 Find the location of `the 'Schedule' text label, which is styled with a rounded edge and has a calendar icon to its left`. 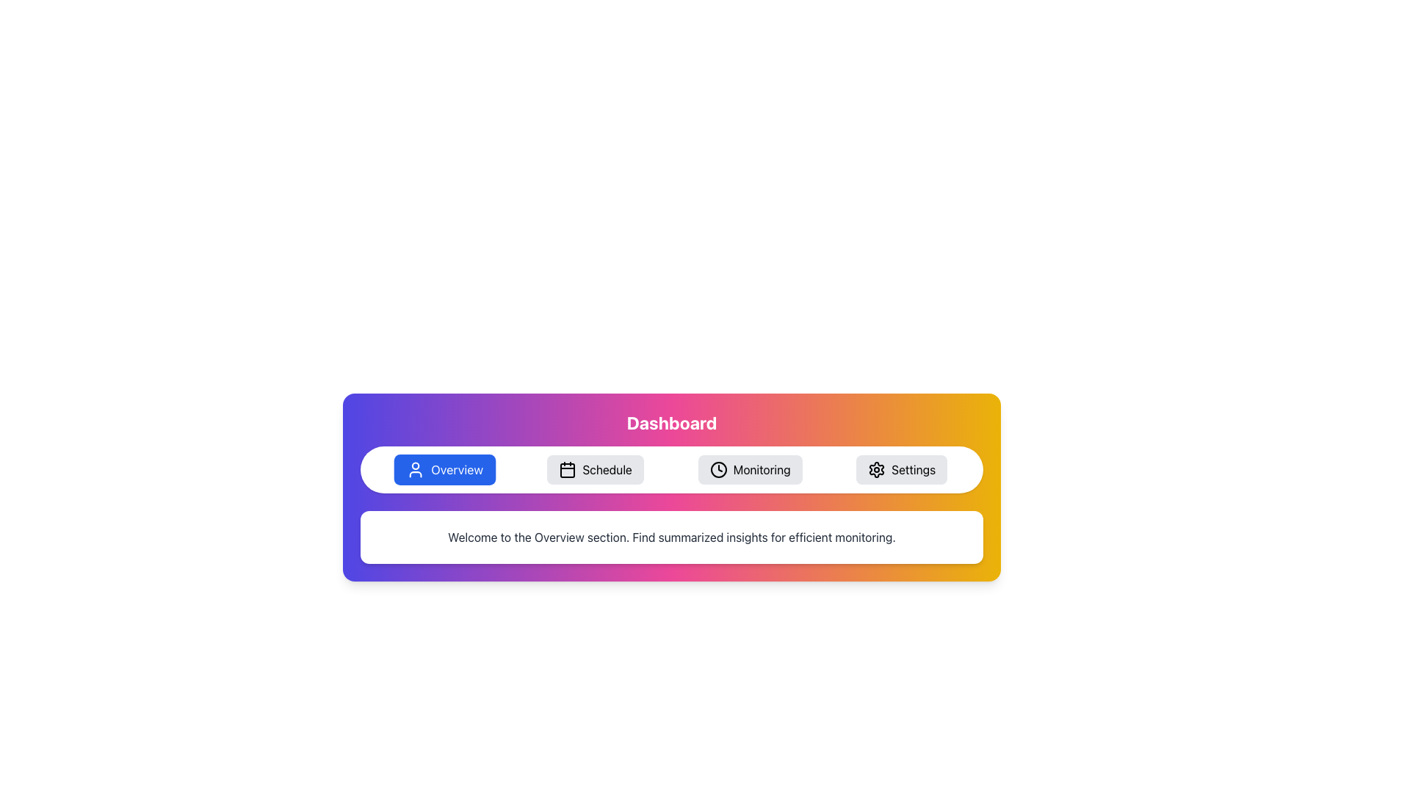

the 'Schedule' text label, which is styled with a rounded edge and has a calendar icon to its left is located at coordinates (607, 470).